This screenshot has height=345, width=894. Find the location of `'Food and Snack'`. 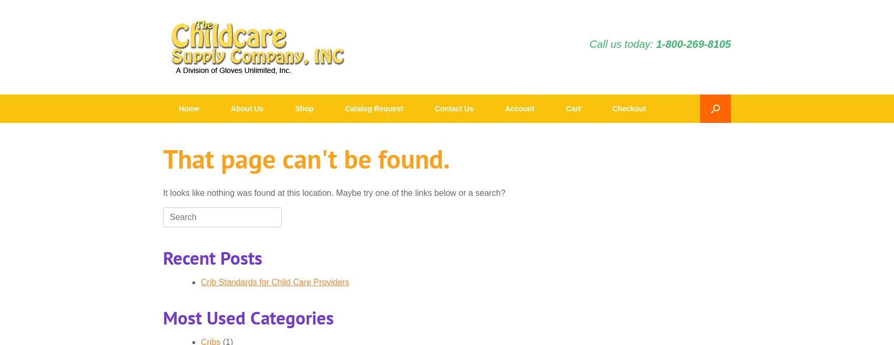

'Food and Snack' is located at coordinates (428, 280).